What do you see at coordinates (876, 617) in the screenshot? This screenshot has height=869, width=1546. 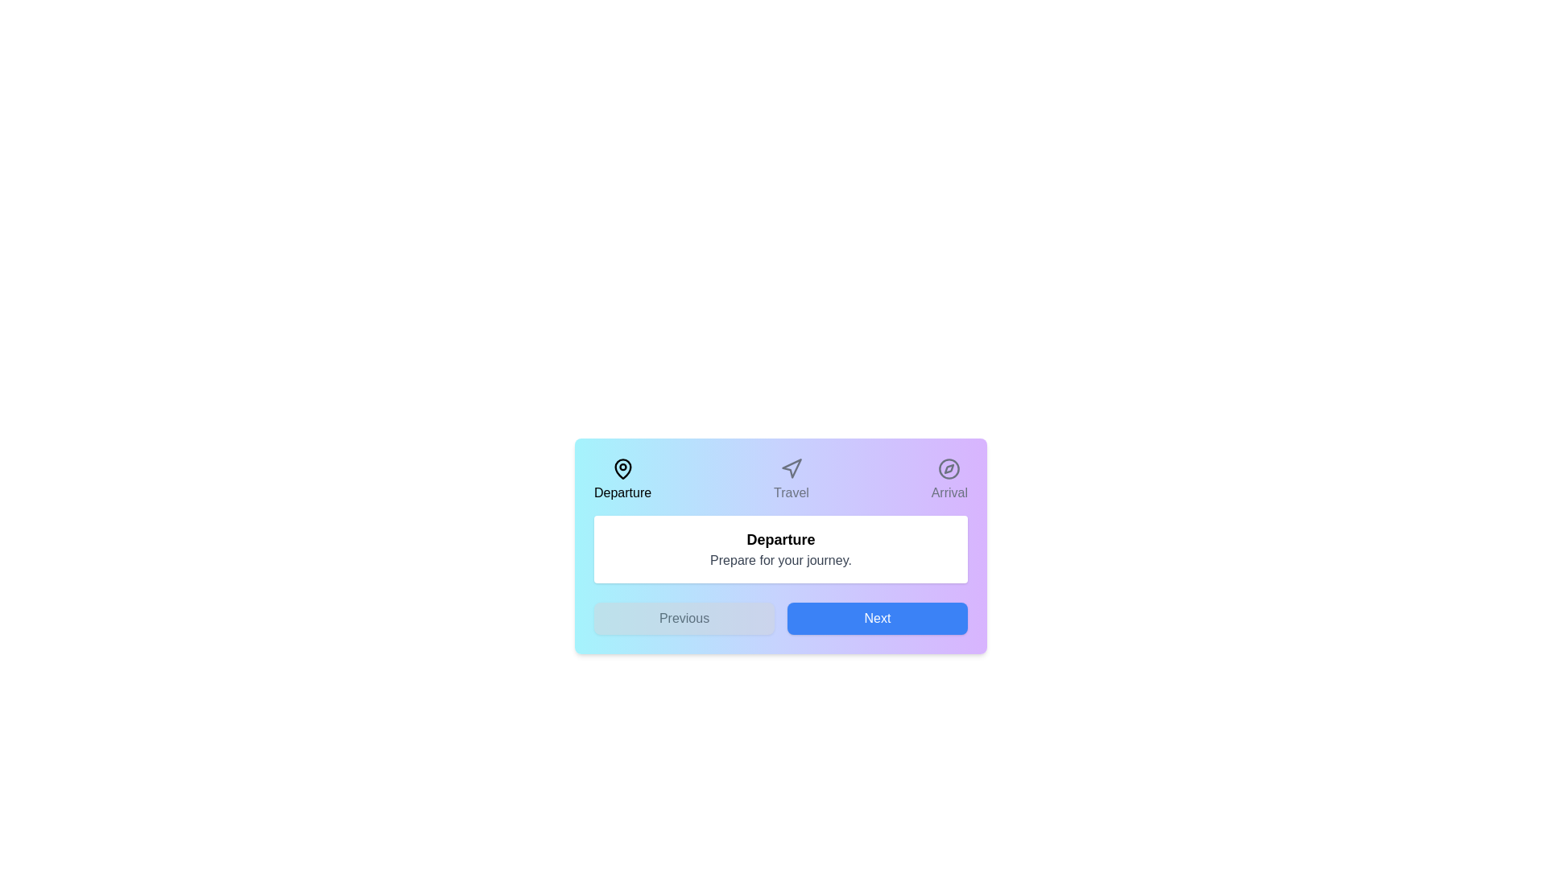 I see `the 'Next' button to navigate to the next step` at bounding box center [876, 617].